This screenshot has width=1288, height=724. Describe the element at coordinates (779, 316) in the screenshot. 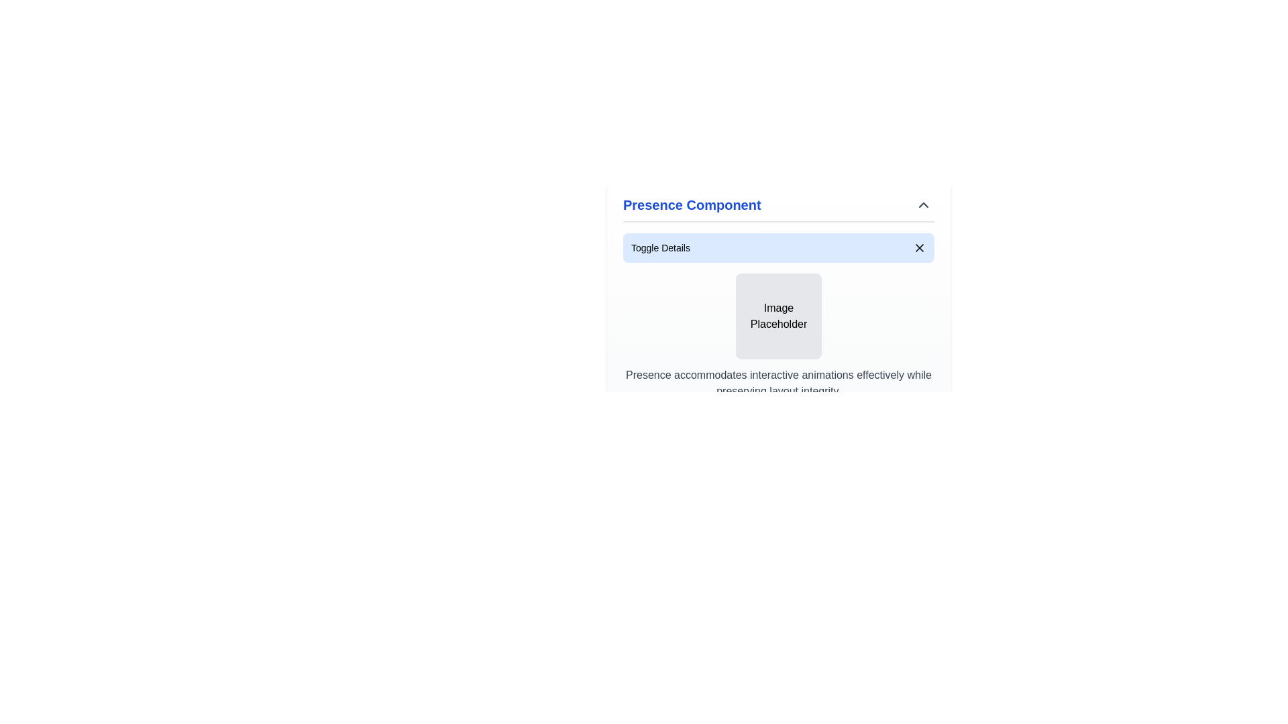

I see `the static text label displaying 'Image Placeholder' with a black font on a gray background` at that location.